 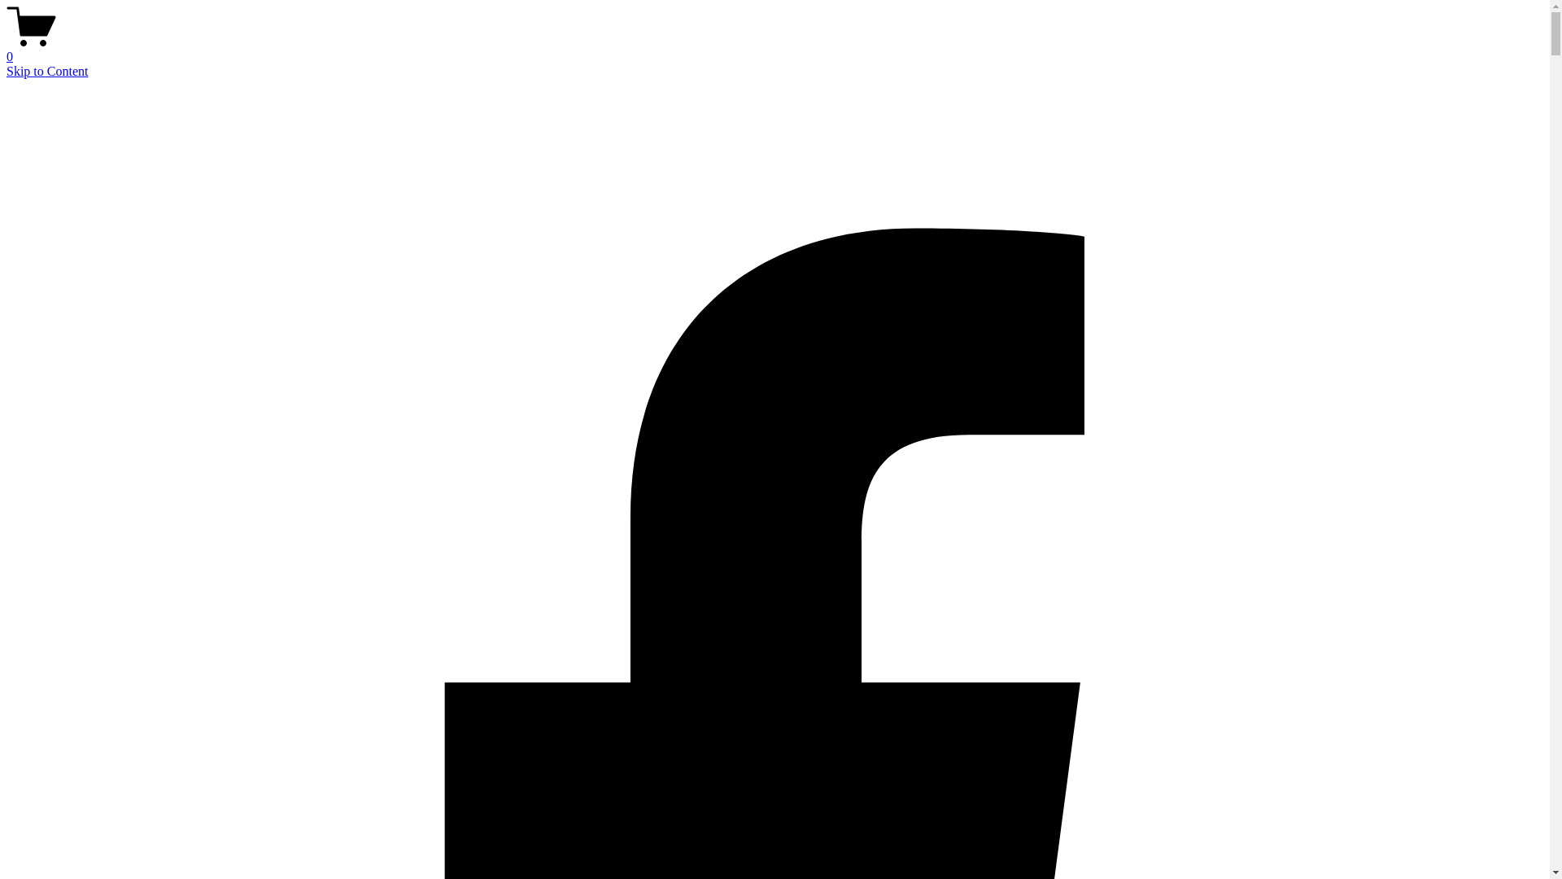 What do you see at coordinates (46, 70) in the screenshot?
I see `'Skip to Content'` at bounding box center [46, 70].